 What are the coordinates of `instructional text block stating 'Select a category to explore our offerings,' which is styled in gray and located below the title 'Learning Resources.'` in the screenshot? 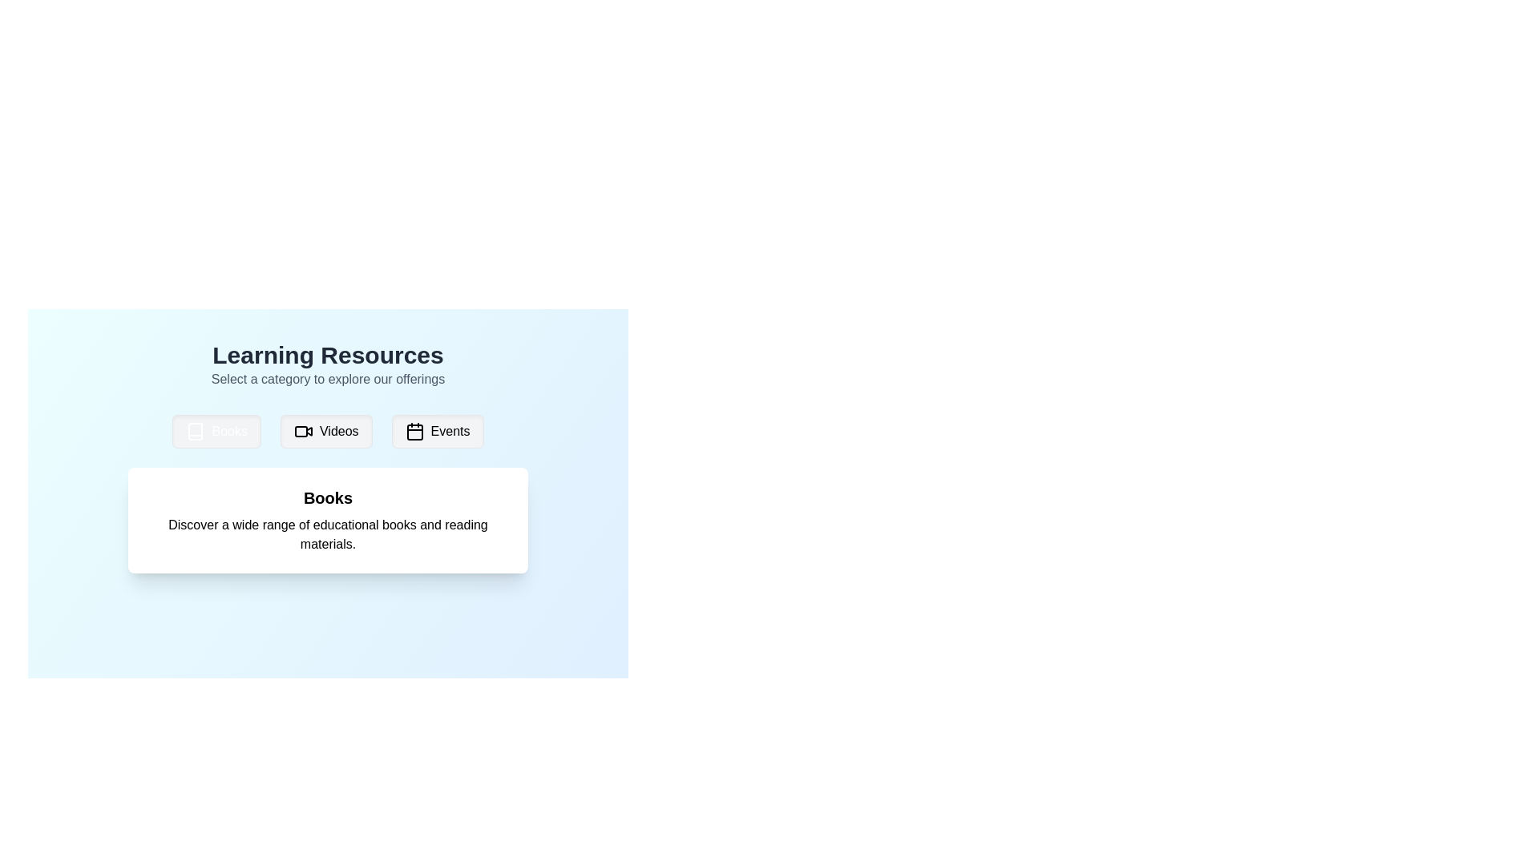 It's located at (327, 380).